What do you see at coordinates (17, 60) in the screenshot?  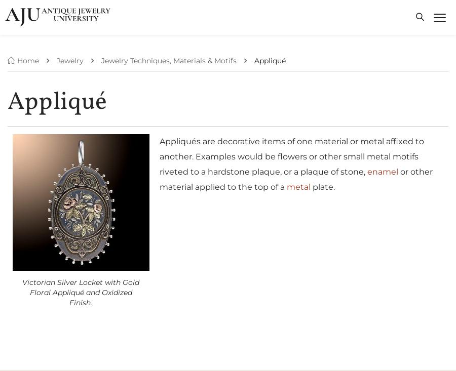 I see `'Home'` at bounding box center [17, 60].